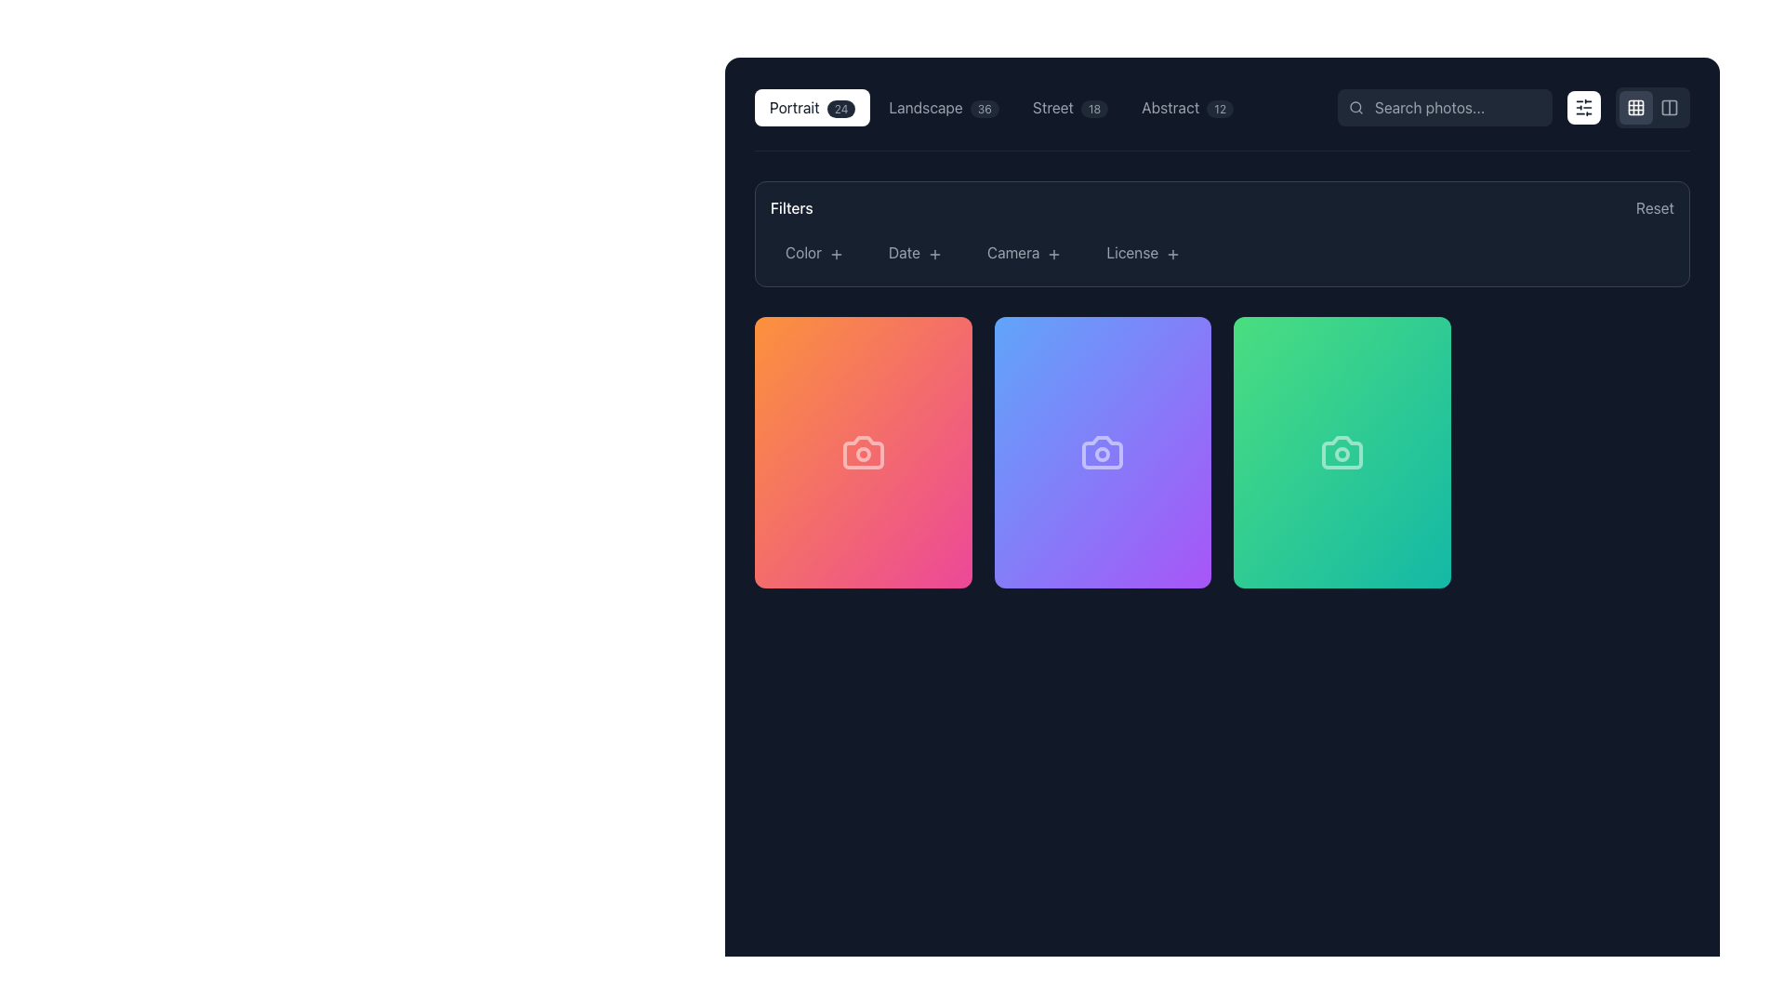 Image resolution: width=1785 pixels, height=1004 pixels. Describe the element at coordinates (1342, 454) in the screenshot. I see `the circular SVG-rendered camera icon lens, which is part of the third box in a horizontal series of three camera icons` at that location.